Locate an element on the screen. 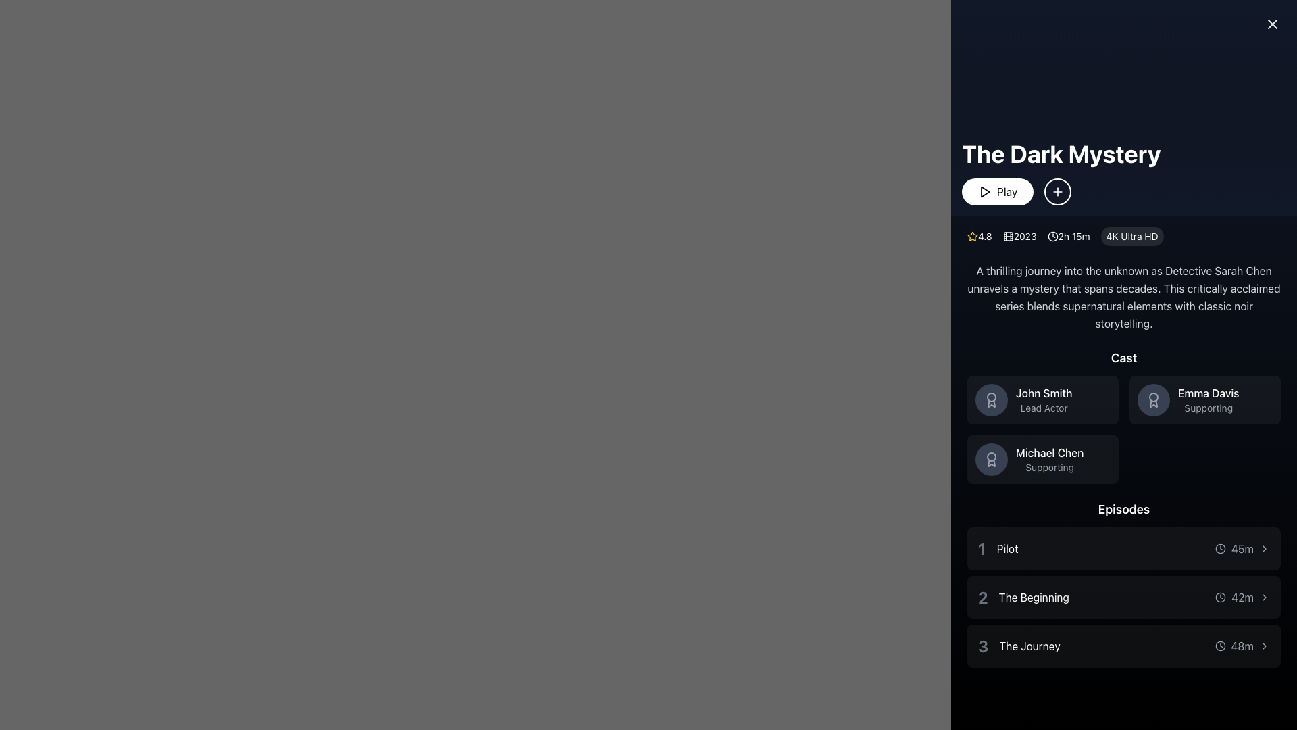  the oval badge containing the text '4K Ultra HD', which has a dark background and light-colored text, positioned last in the horizontal group of media item descriptors is located at coordinates (1132, 236).